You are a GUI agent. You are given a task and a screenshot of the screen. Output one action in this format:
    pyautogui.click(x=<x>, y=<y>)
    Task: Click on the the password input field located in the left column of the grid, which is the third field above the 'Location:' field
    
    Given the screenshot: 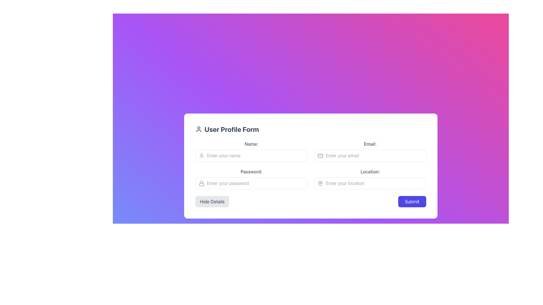 What is the action you would take?
    pyautogui.click(x=251, y=178)
    